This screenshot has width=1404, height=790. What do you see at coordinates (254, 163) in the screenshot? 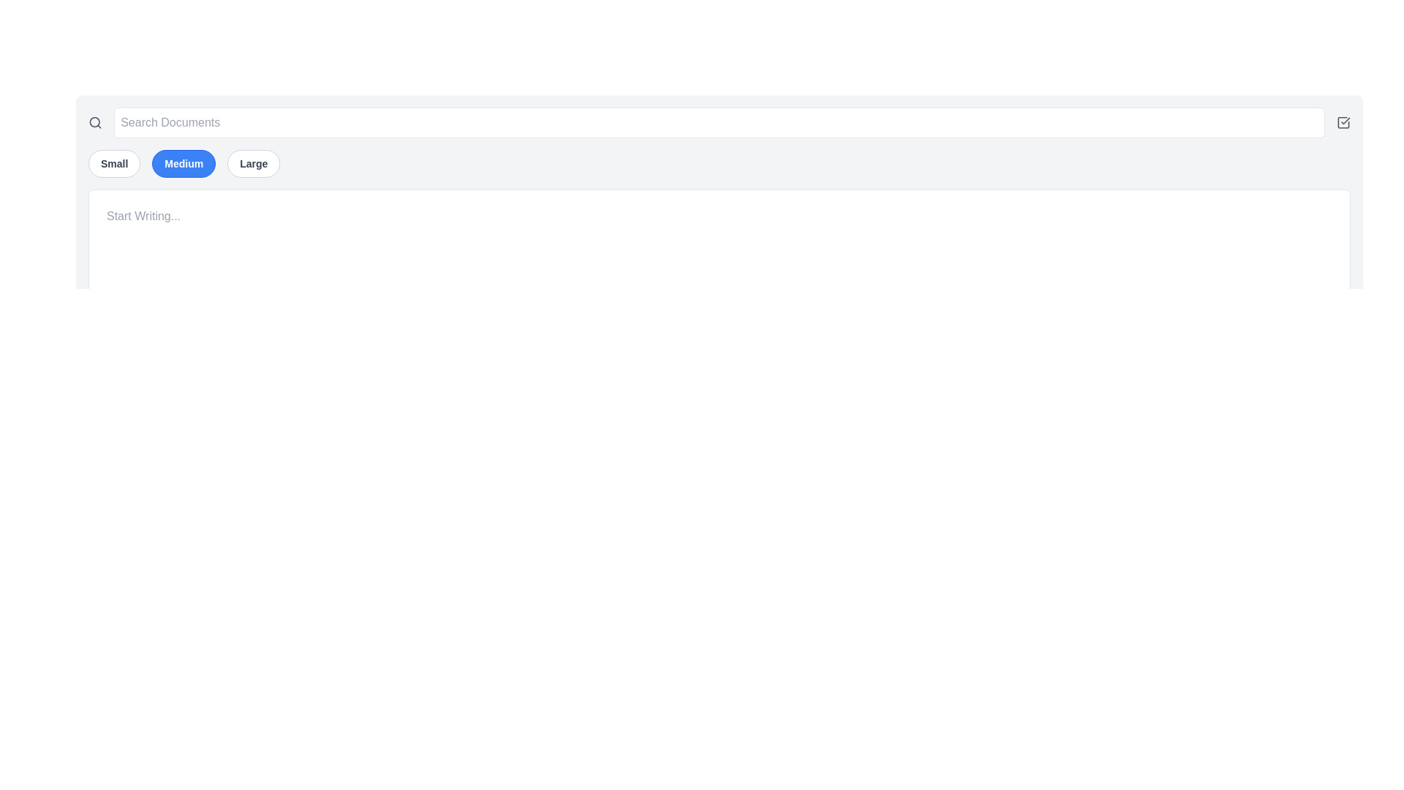
I see `the 'Large' button, which is the third button in a row of three` at bounding box center [254, 163].